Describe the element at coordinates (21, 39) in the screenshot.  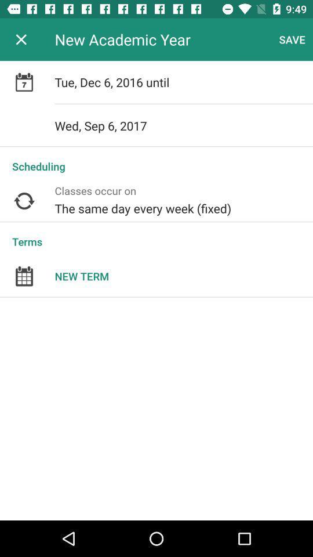
I see `the item next to new academic year` at that location.